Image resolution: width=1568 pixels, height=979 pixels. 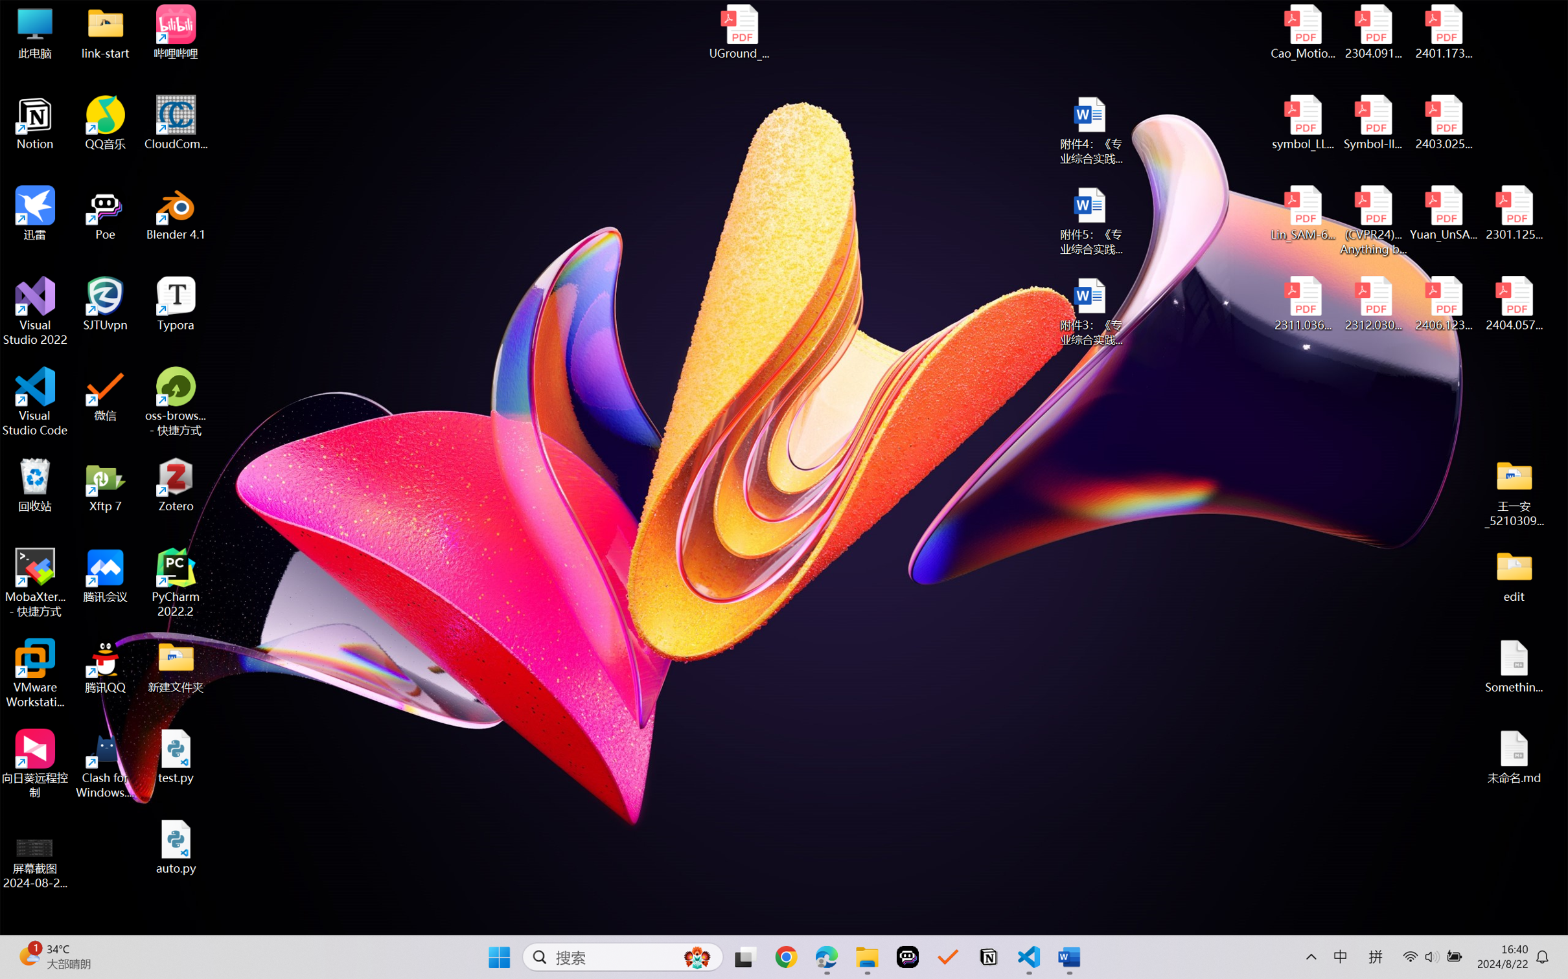 I want to click on 'Google Chrome', so click(x=786, y=957).